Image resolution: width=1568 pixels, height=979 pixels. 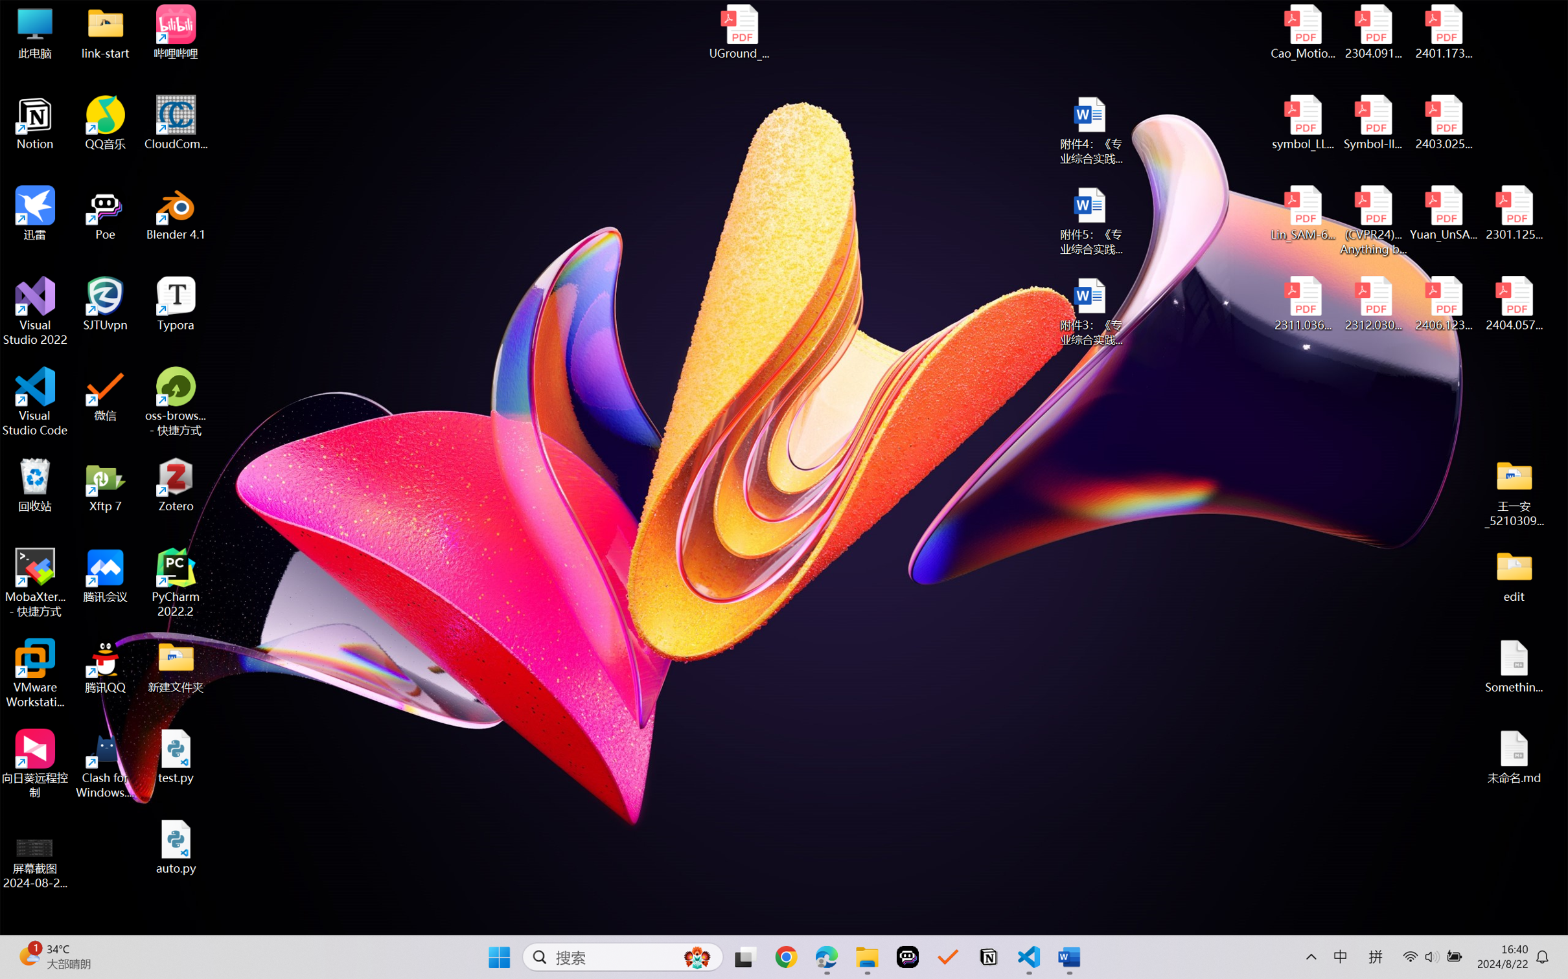 I want to click on 'Google Chrome', so click(x=786, y=957).